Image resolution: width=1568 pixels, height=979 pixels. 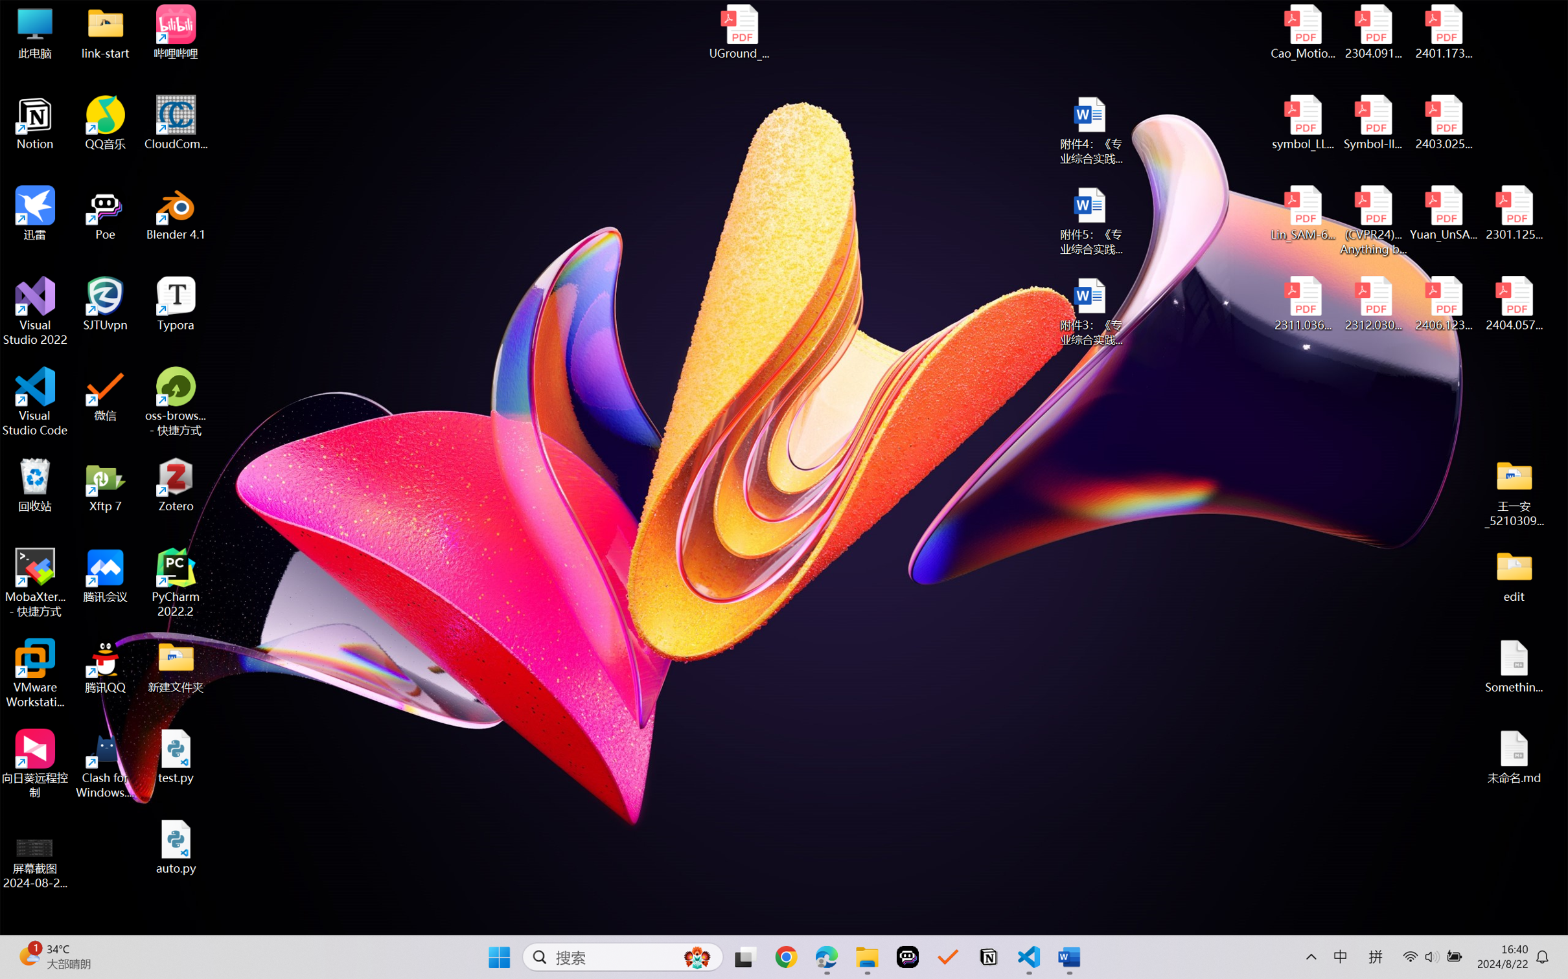 I want to click on 'Google Chrome', so click(x=786, y=957).